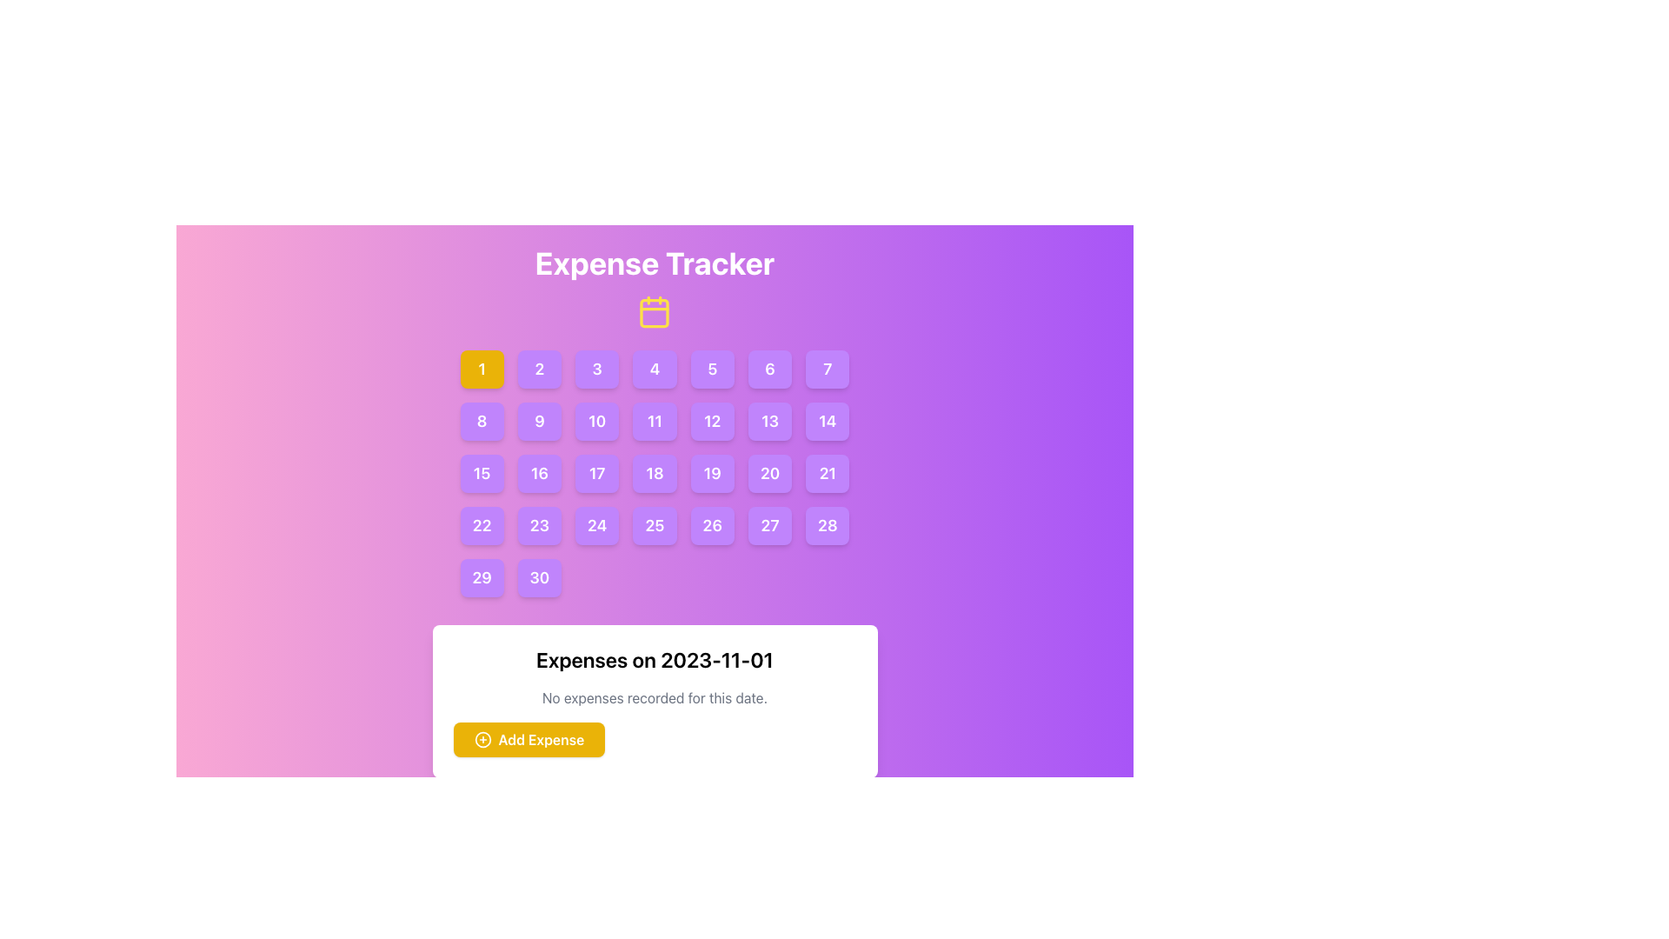  Describe the element at coordinates (482, 740) in the screenshot. I see `the outer circular component of the 'Add Expense' button, which is part of the SVG icon designed to signify the addition functionality` at that location.